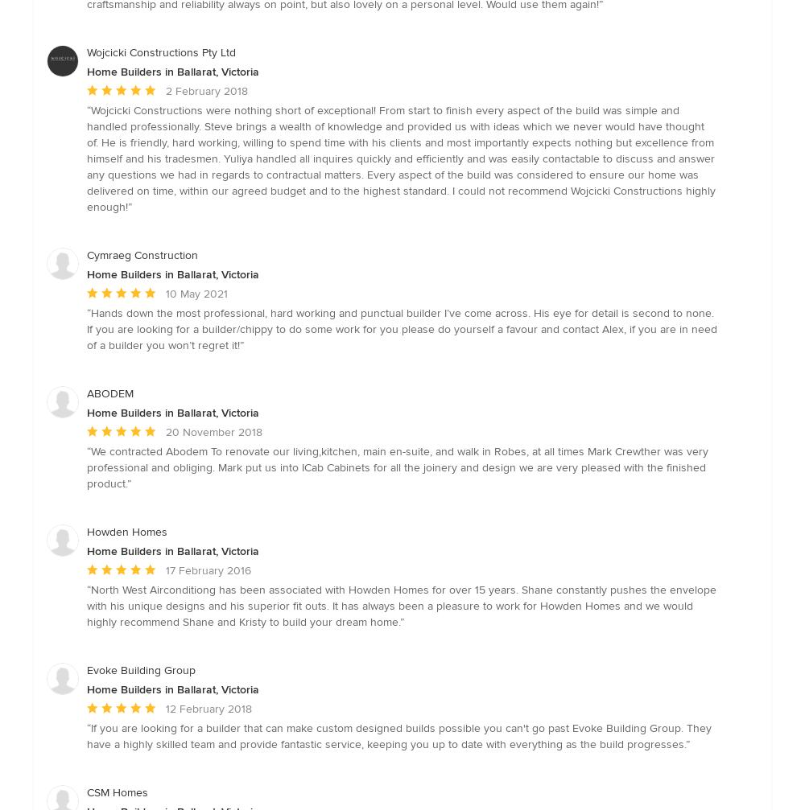 The image size is (805, 810). I want to click on 'If you are looking for a builder that can make custom designed builds possible you can't go past Evoke Building Group. They have a highly skilled team and provide fantastic service, keeping you up to date with everything as the build progresses.', so click(398, 734).